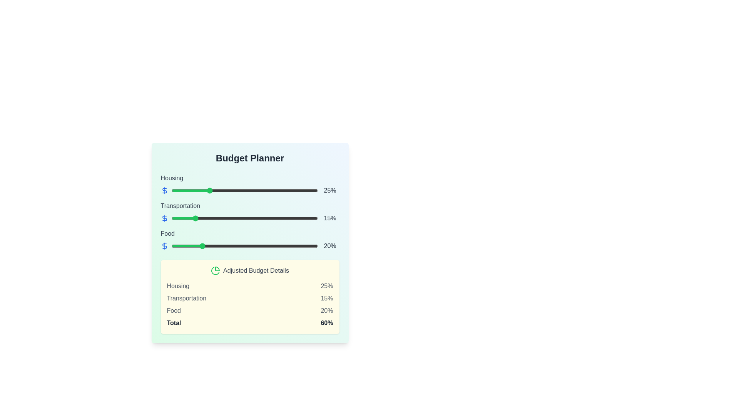 This screenshot has width=739, height=416. What do you see at coordinates (269, 190) in the screenshot?
I see `the housing budget percentage` at bounding box center [269, 190].